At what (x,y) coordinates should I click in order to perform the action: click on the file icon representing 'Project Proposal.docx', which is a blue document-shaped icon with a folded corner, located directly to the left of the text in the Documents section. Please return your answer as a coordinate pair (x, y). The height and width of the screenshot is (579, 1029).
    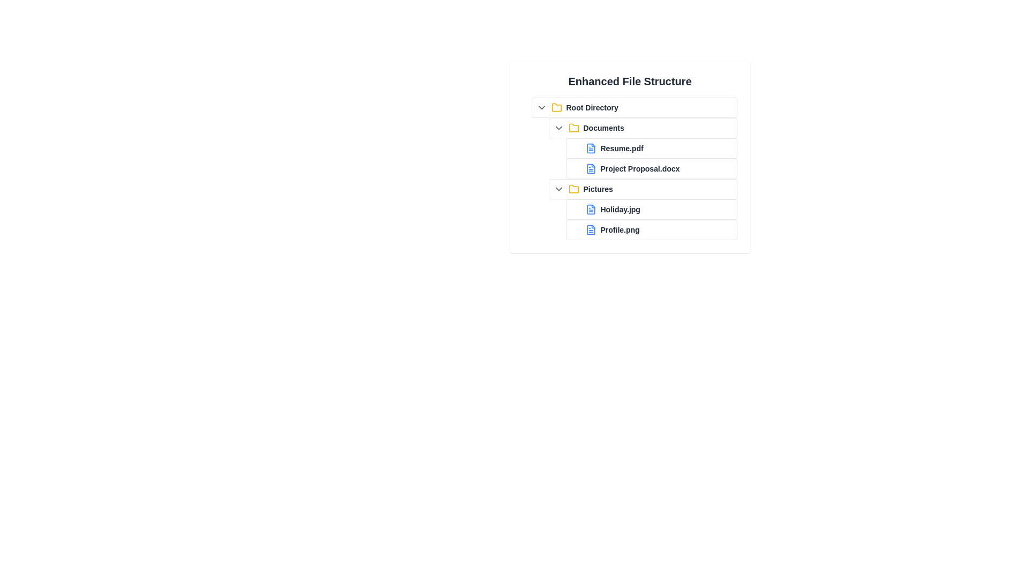
    Looking at the image, I should click on (590, 169).